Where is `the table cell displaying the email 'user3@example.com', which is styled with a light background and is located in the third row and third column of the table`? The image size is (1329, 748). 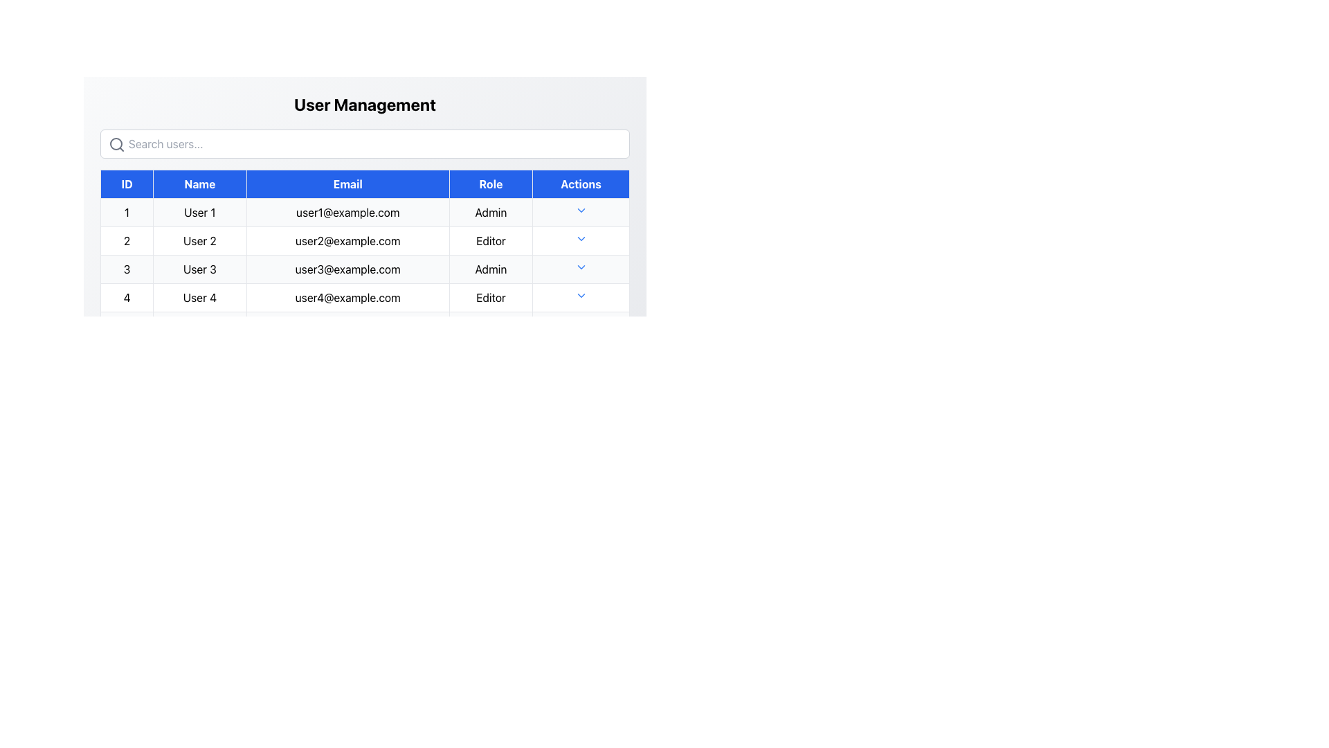 the table cell displaying the email 'user3@example.com', which is styled with a light background and is located in the third row and third column of the table is located at coordinates (347, 269).